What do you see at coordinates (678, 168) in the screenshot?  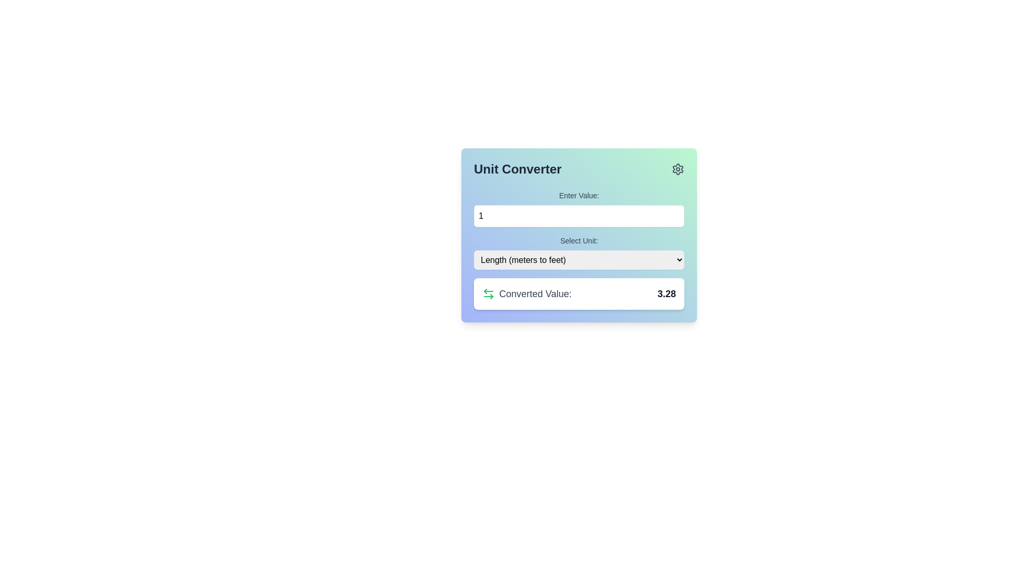 I see `the settings gear icon located at the top-right corner of the unit converter interface` at bounding box center [678, 168].